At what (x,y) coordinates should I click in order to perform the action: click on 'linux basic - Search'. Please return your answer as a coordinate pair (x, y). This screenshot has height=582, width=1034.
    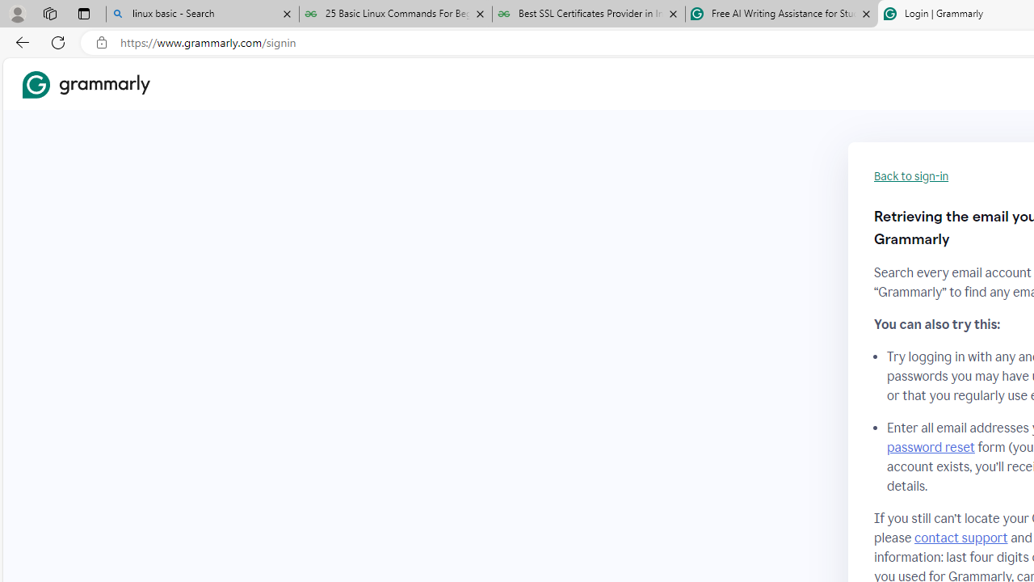
    Looking at the image, I should click on (201, 14).